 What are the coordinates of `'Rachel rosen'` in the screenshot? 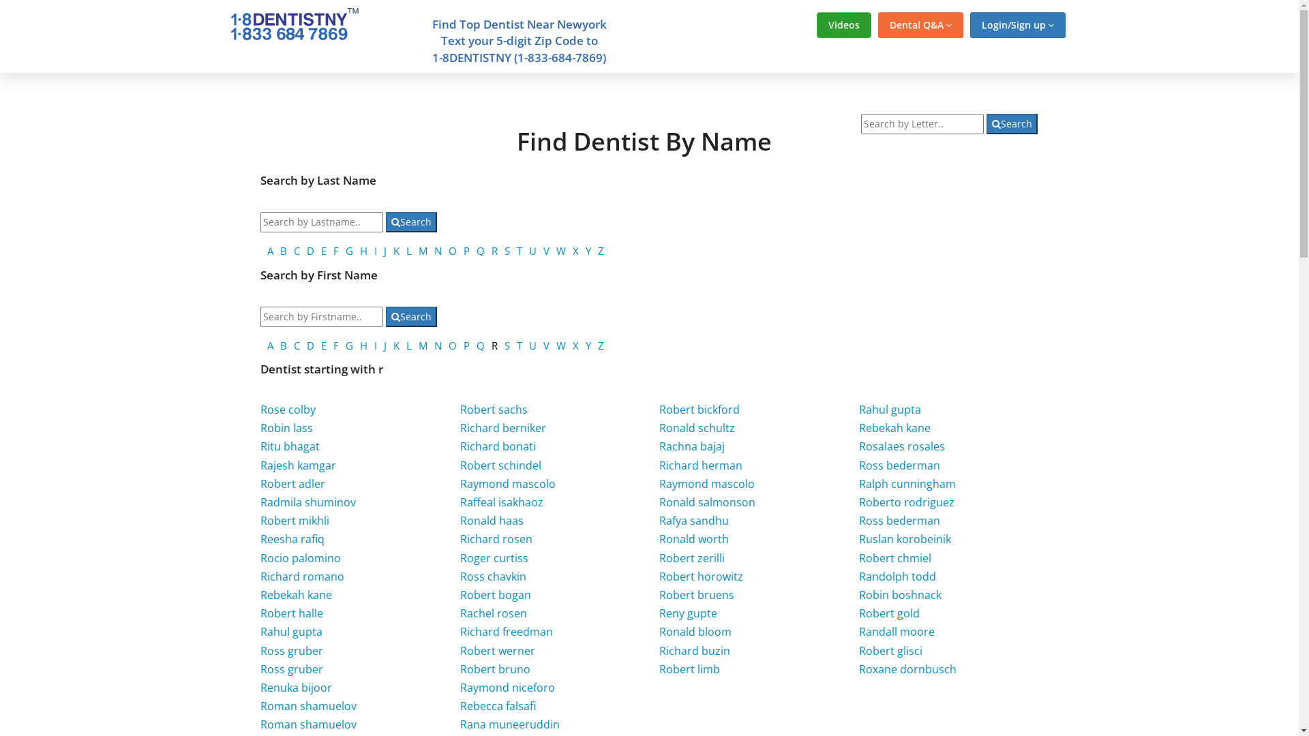 It's located at (460, 612).